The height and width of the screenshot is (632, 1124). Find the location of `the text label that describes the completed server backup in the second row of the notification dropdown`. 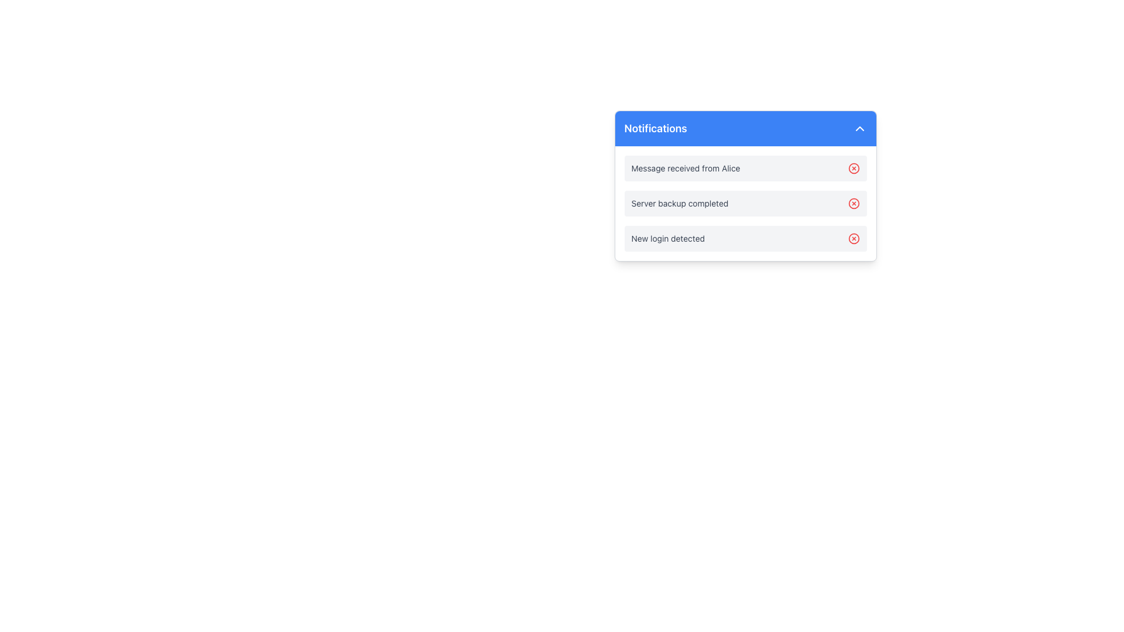

the text label that describes the completed server backup in the second row of the notification dropdown is located at coordinates (680, 202).